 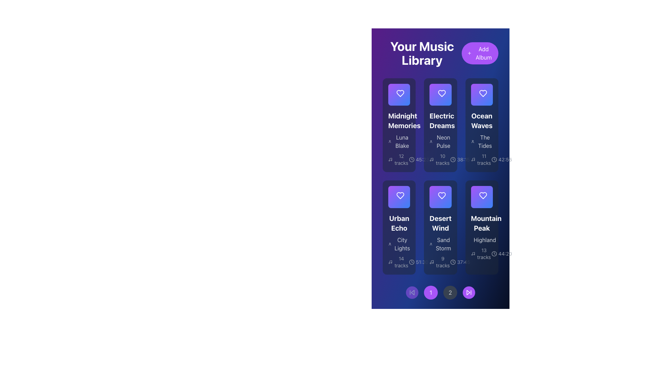 What do you see at coordinates (453, 160) in the screenshot?
I see `the clock icon located to the left of the text '38:15'` at bounding box center [453, 160].